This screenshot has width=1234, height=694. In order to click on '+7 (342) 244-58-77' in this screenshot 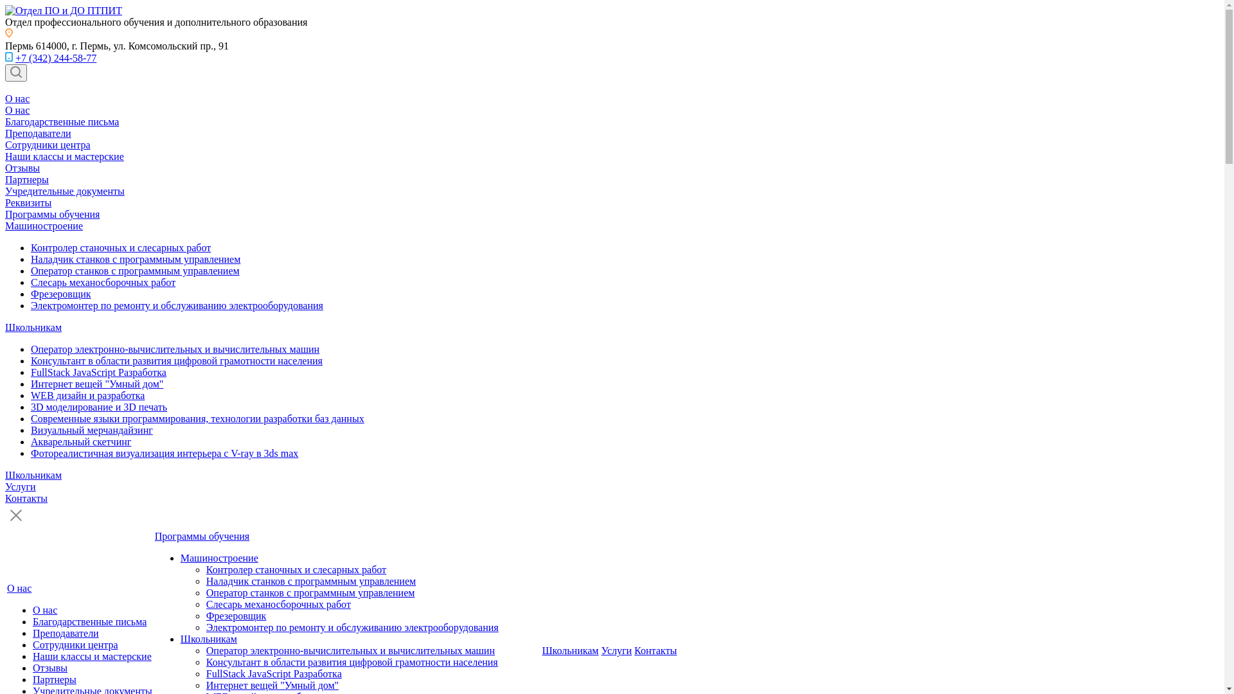, I will do `click(15, 58)`.